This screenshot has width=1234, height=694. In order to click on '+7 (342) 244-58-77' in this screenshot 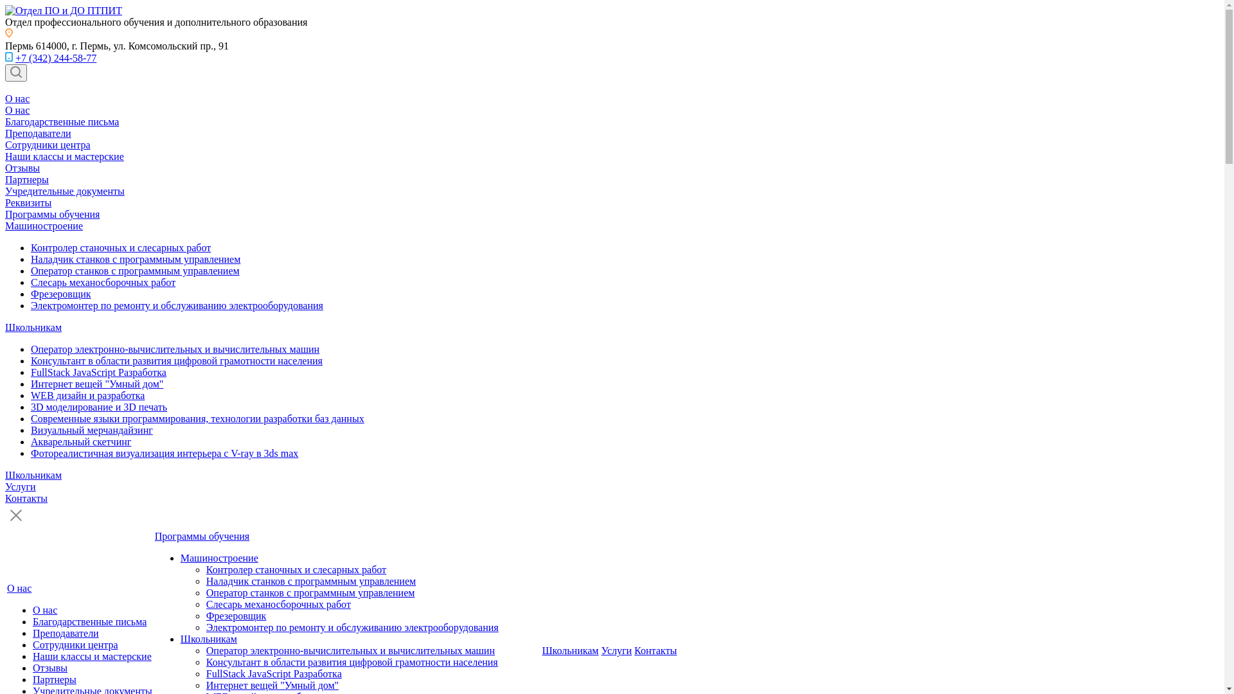, I will do `click(15, 58)`.